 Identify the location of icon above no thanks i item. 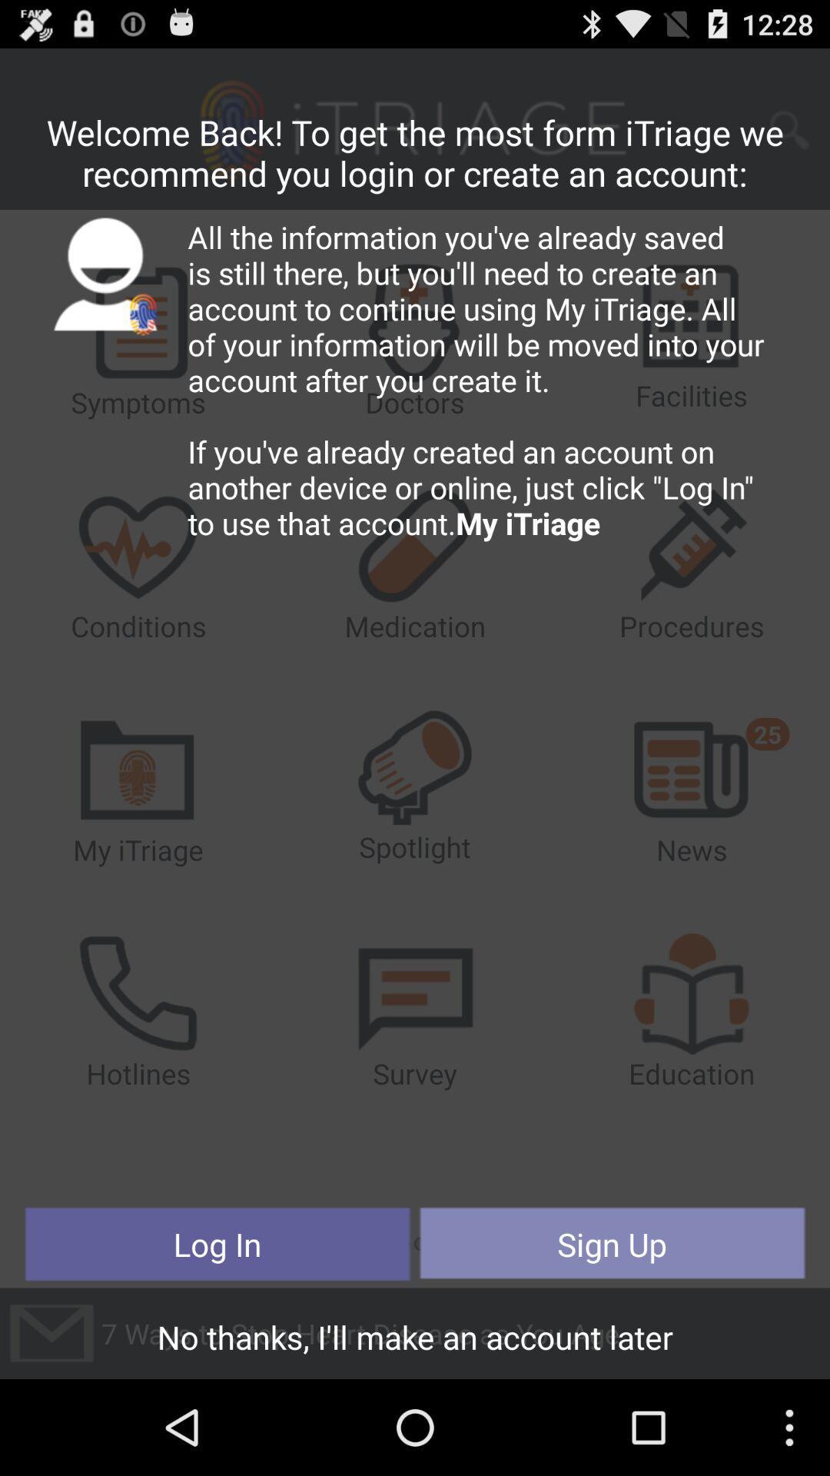
(217, 1244).